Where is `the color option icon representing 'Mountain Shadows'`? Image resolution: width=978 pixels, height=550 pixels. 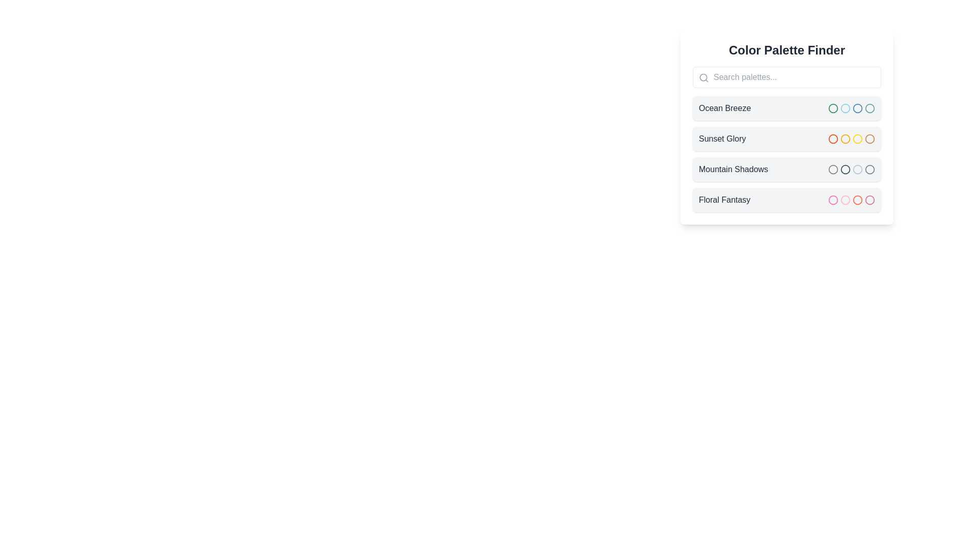
the color option icon representing 'Mountain Shadows' is located at coordinates (857, 169).